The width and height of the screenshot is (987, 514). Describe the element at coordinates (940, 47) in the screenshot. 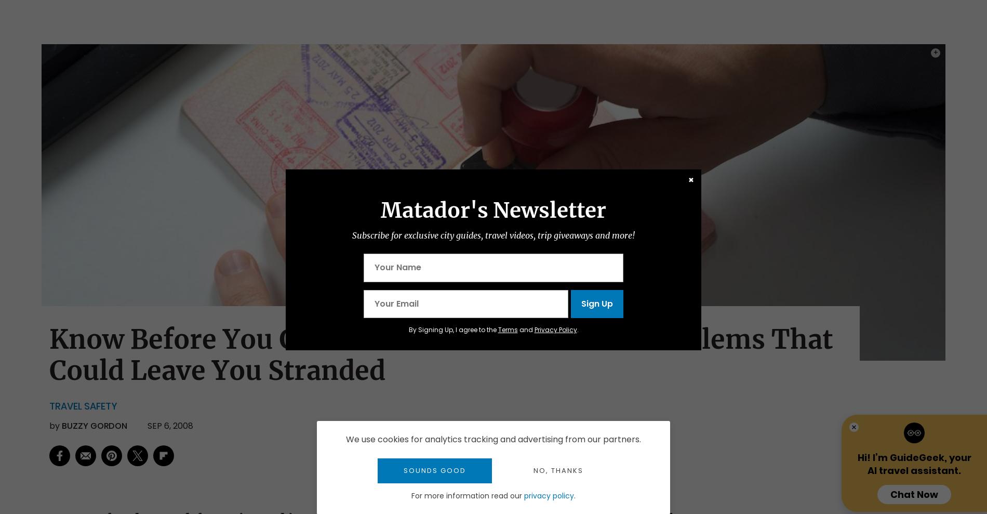

I see `'Photo:'` at that location.